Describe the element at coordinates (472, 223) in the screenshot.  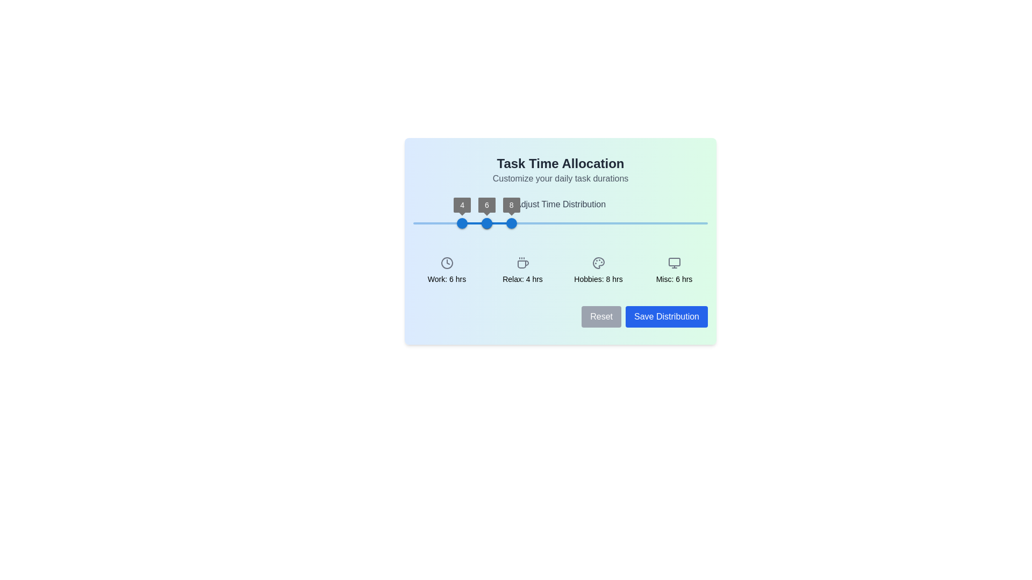
I see `the slider` at that location.